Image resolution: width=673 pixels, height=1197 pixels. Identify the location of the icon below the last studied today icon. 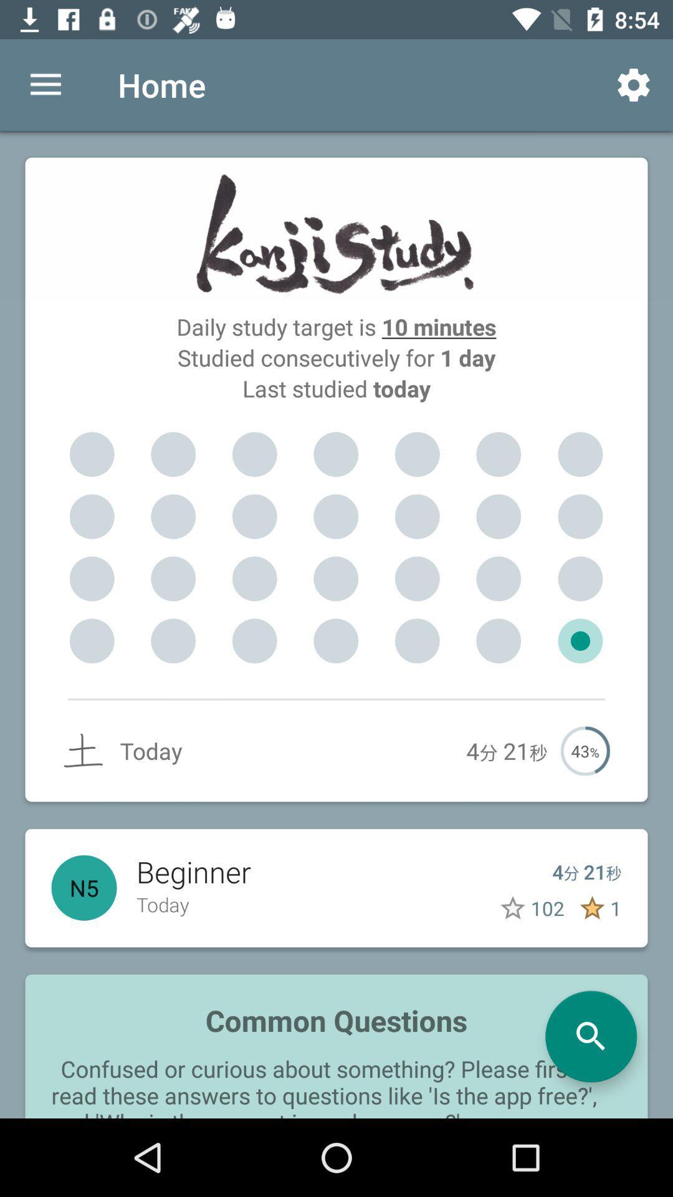
(580, 454).